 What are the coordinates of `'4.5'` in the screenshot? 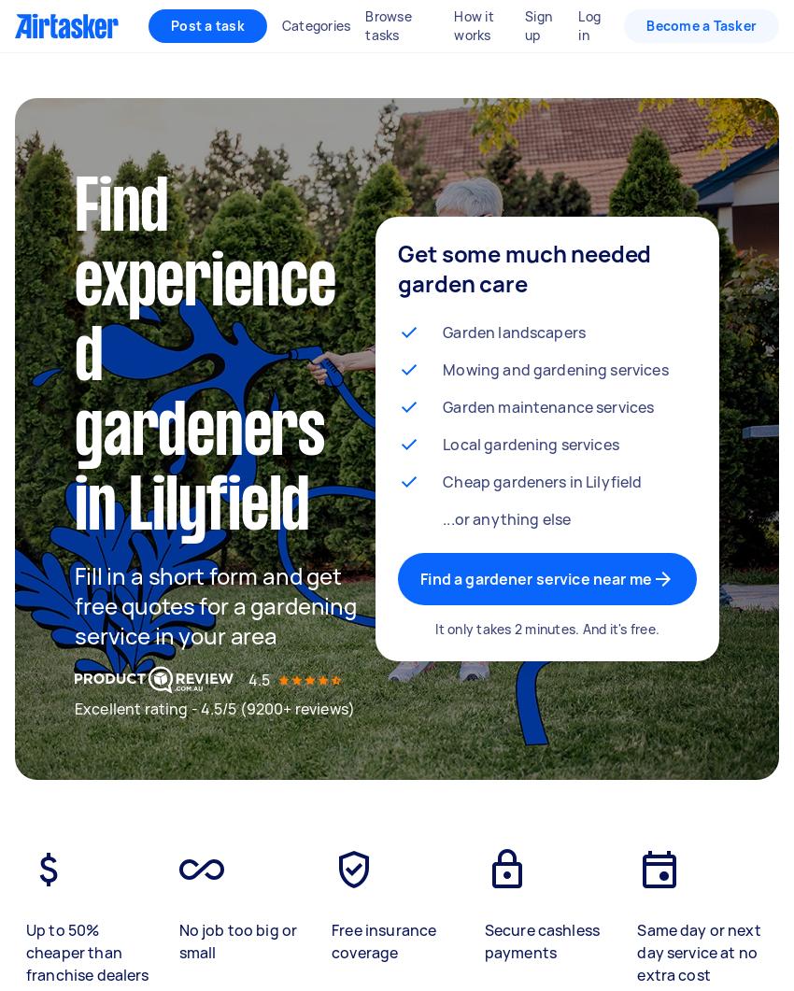 It's located at (258, 679).